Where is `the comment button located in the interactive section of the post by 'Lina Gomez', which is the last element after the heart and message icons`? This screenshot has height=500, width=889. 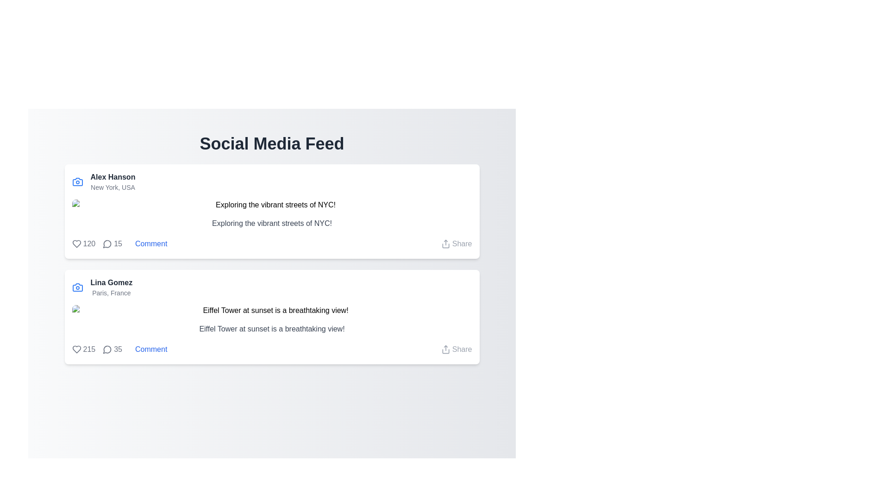
the comment button located in the interactive section of the post by 'Lina Gomez', which is the last element after the heart and message icons is located at coordinates (151, 350).